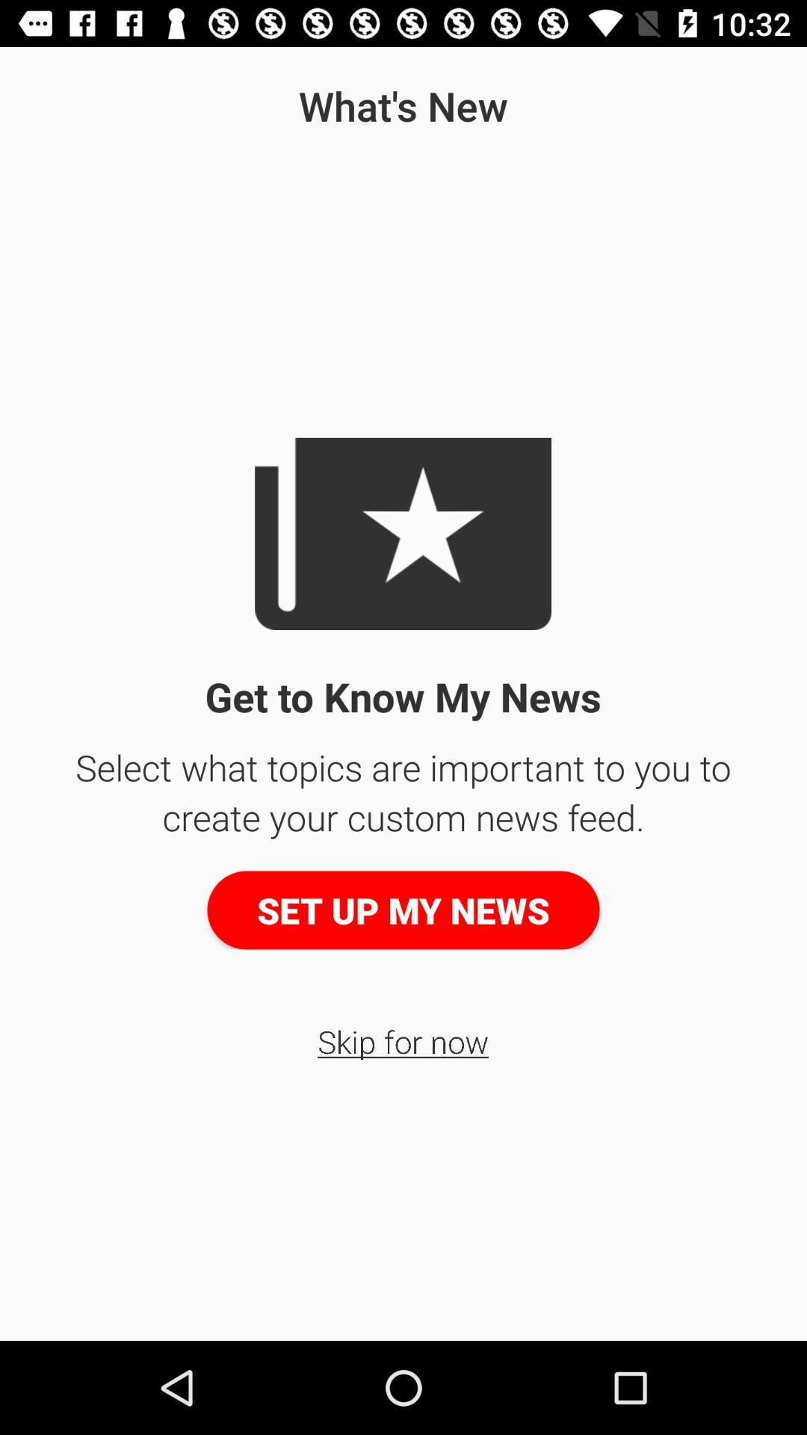  I want to click on the set up my icon, so click(403, 910).